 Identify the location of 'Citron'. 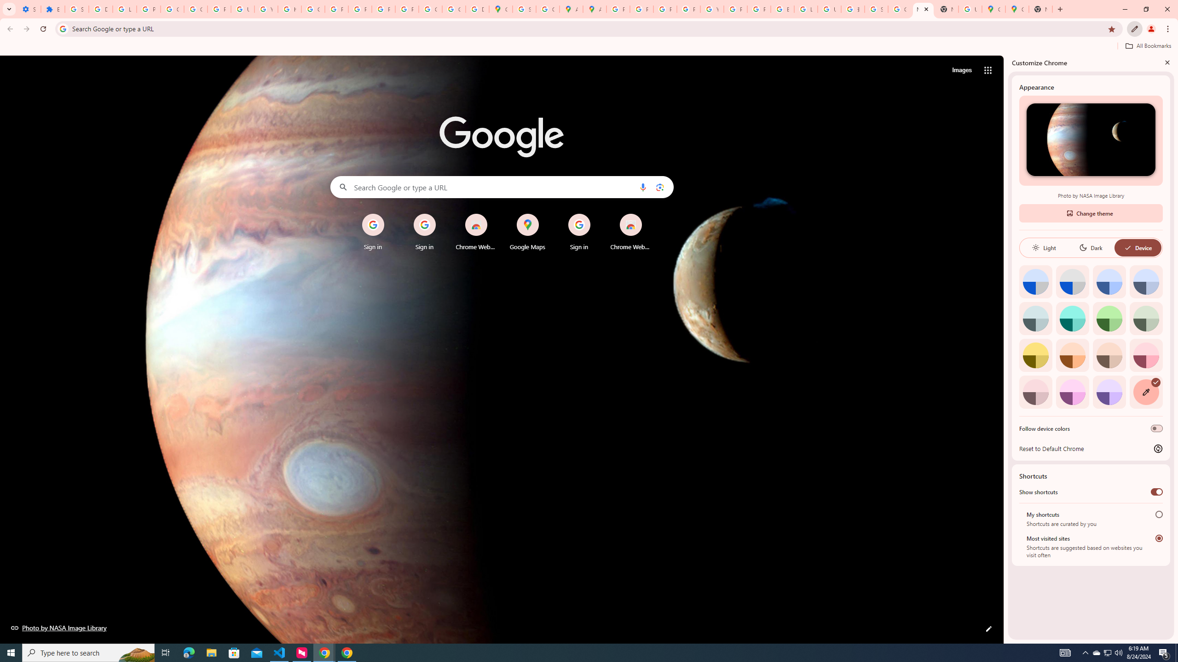
(1035, 354).